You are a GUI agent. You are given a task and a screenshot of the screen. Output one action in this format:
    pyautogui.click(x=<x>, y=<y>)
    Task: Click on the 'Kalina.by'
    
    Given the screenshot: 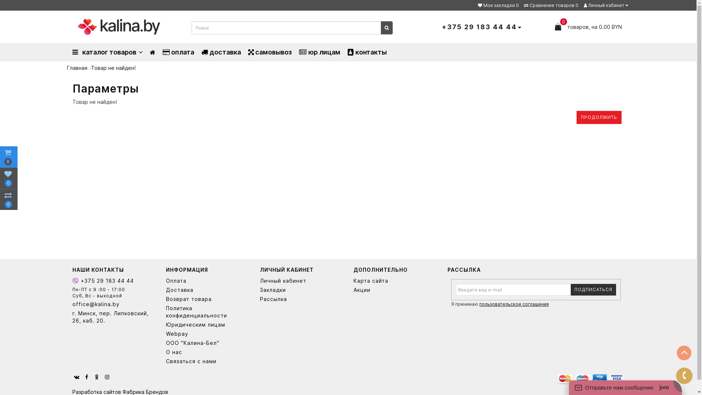 What is the action you would take?
    pyautogui.click(x=77, y=26)
    